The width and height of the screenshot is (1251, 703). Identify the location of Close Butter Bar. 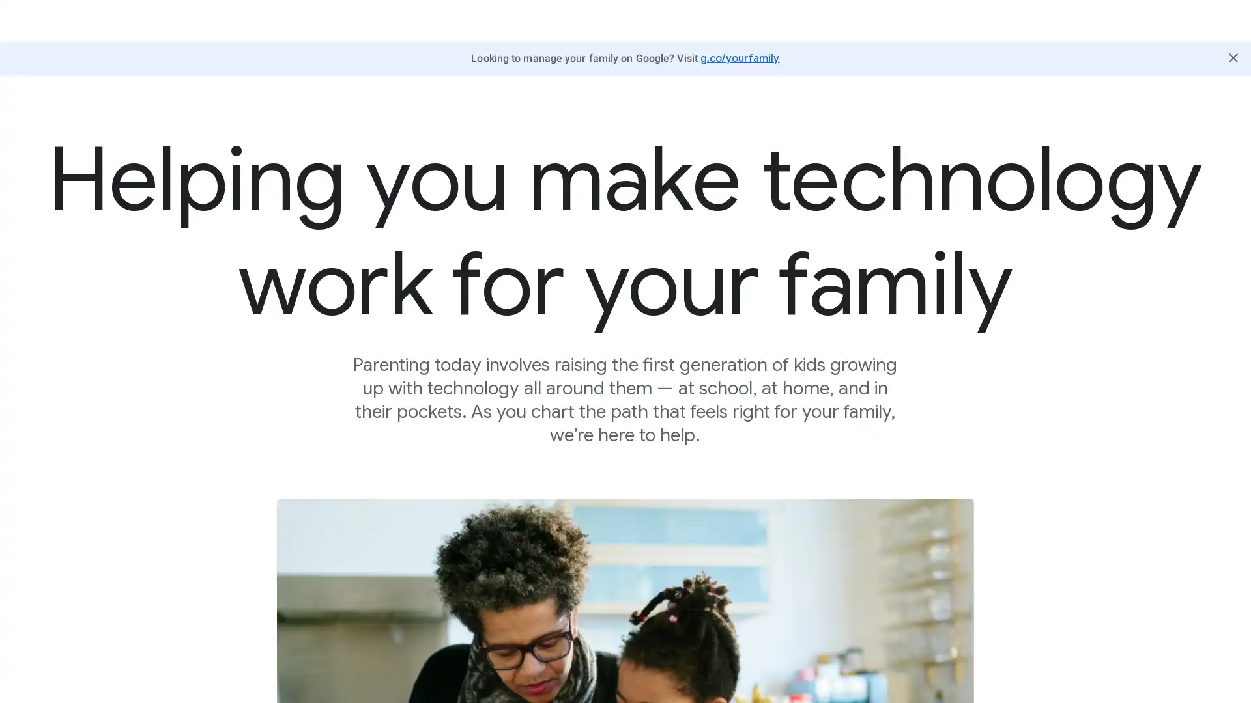
(1232, 57).